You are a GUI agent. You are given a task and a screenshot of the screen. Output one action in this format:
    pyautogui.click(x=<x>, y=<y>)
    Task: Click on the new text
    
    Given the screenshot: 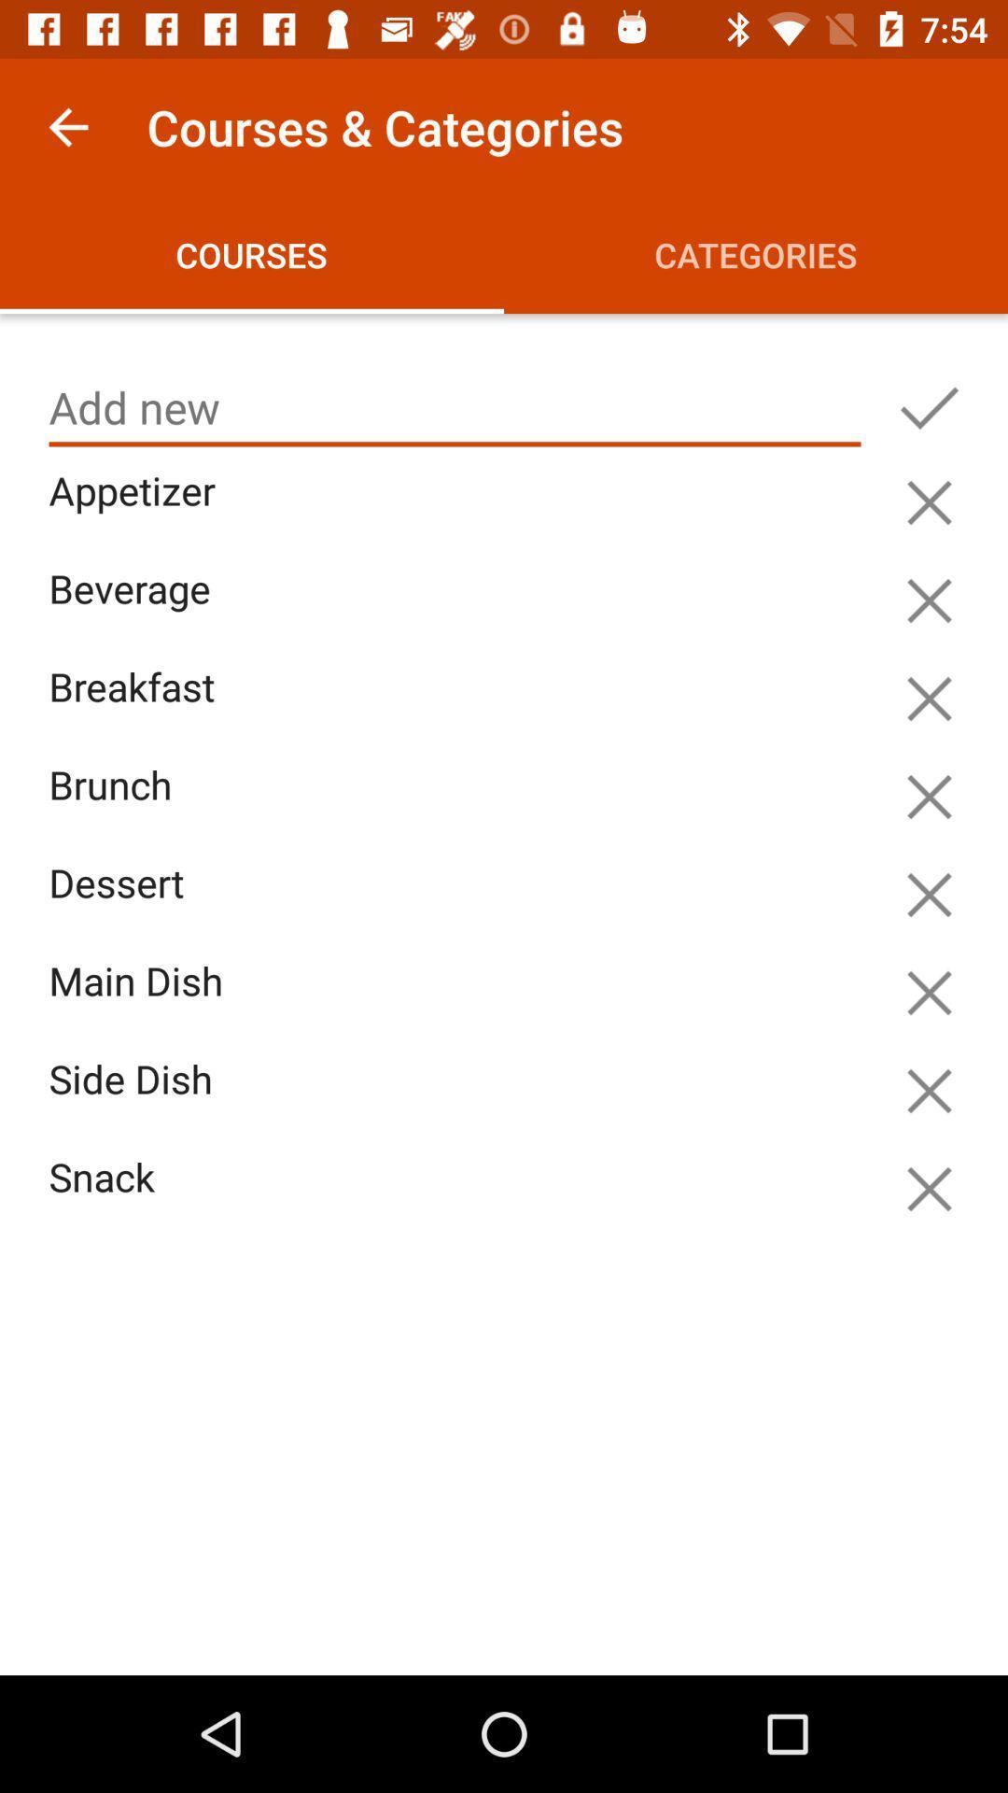 What is the action you would take?
    pyautogui.click(x=929, y=407)
    